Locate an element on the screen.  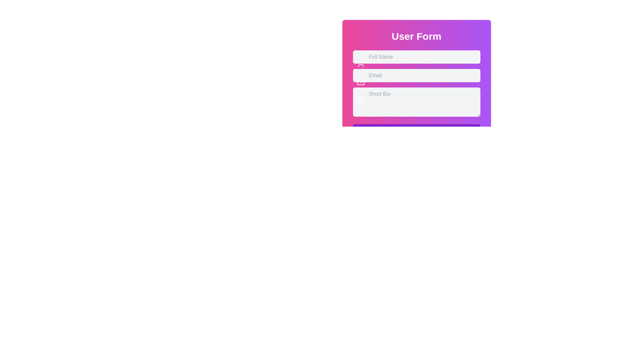
the white user avatar icon located adjacent to the left side of the 'Full Name' input field, which is a circle above a rounded shape representing shoulders is located at coordinates (360, 64).